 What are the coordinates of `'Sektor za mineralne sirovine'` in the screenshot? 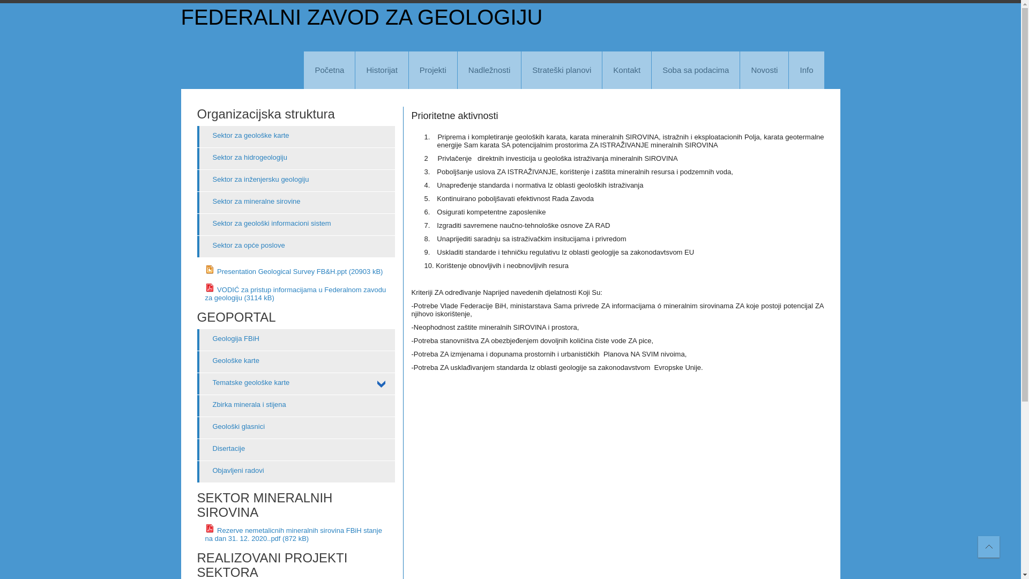 It's located at (296, 203).